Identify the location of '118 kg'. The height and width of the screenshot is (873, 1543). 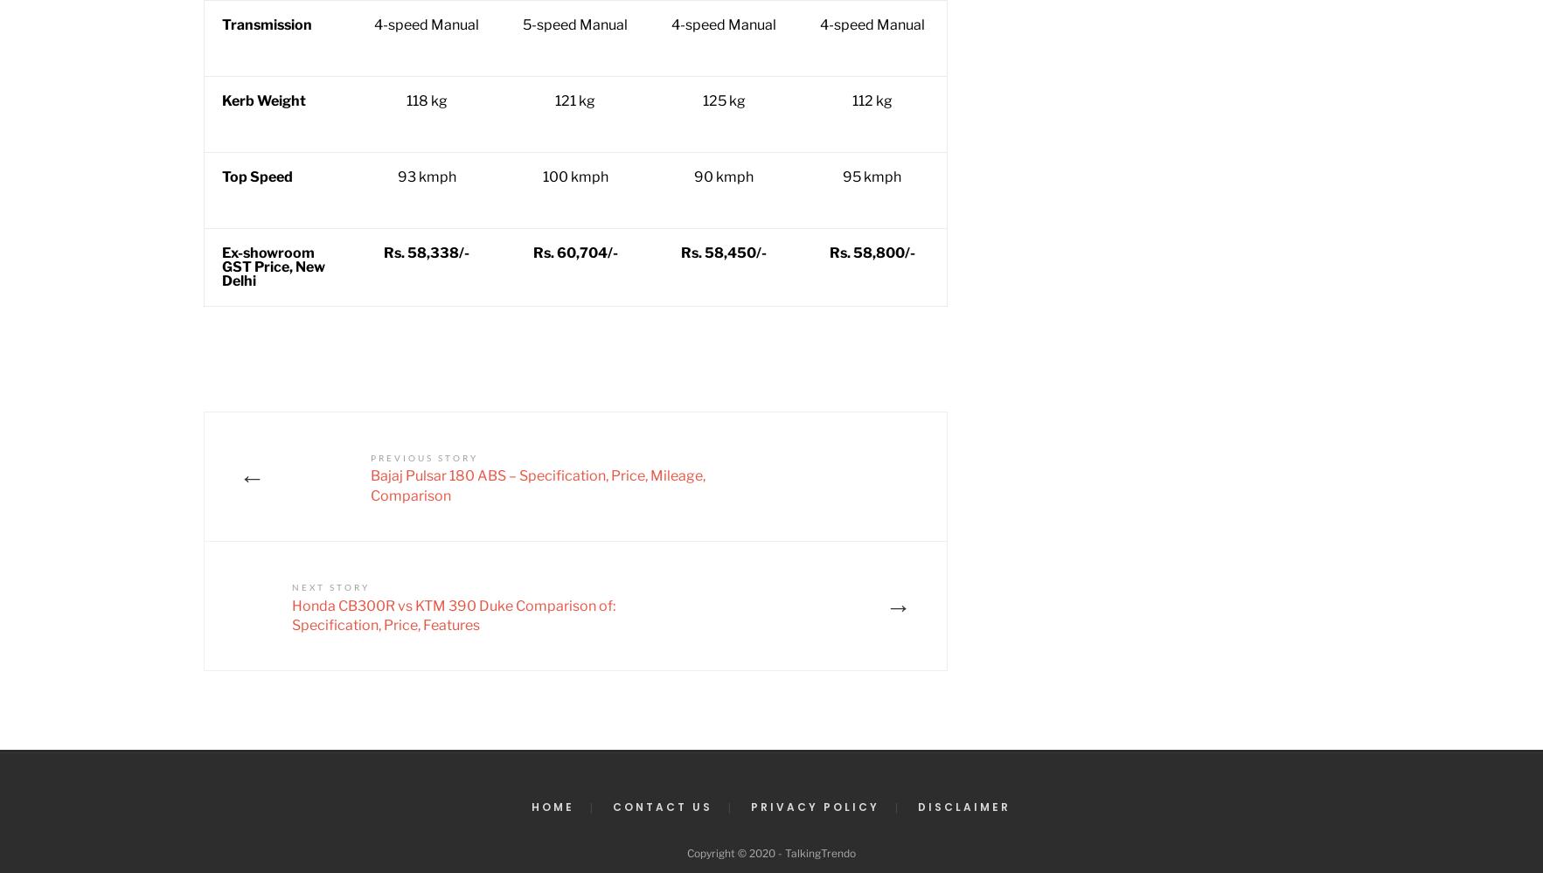
(425, 100).